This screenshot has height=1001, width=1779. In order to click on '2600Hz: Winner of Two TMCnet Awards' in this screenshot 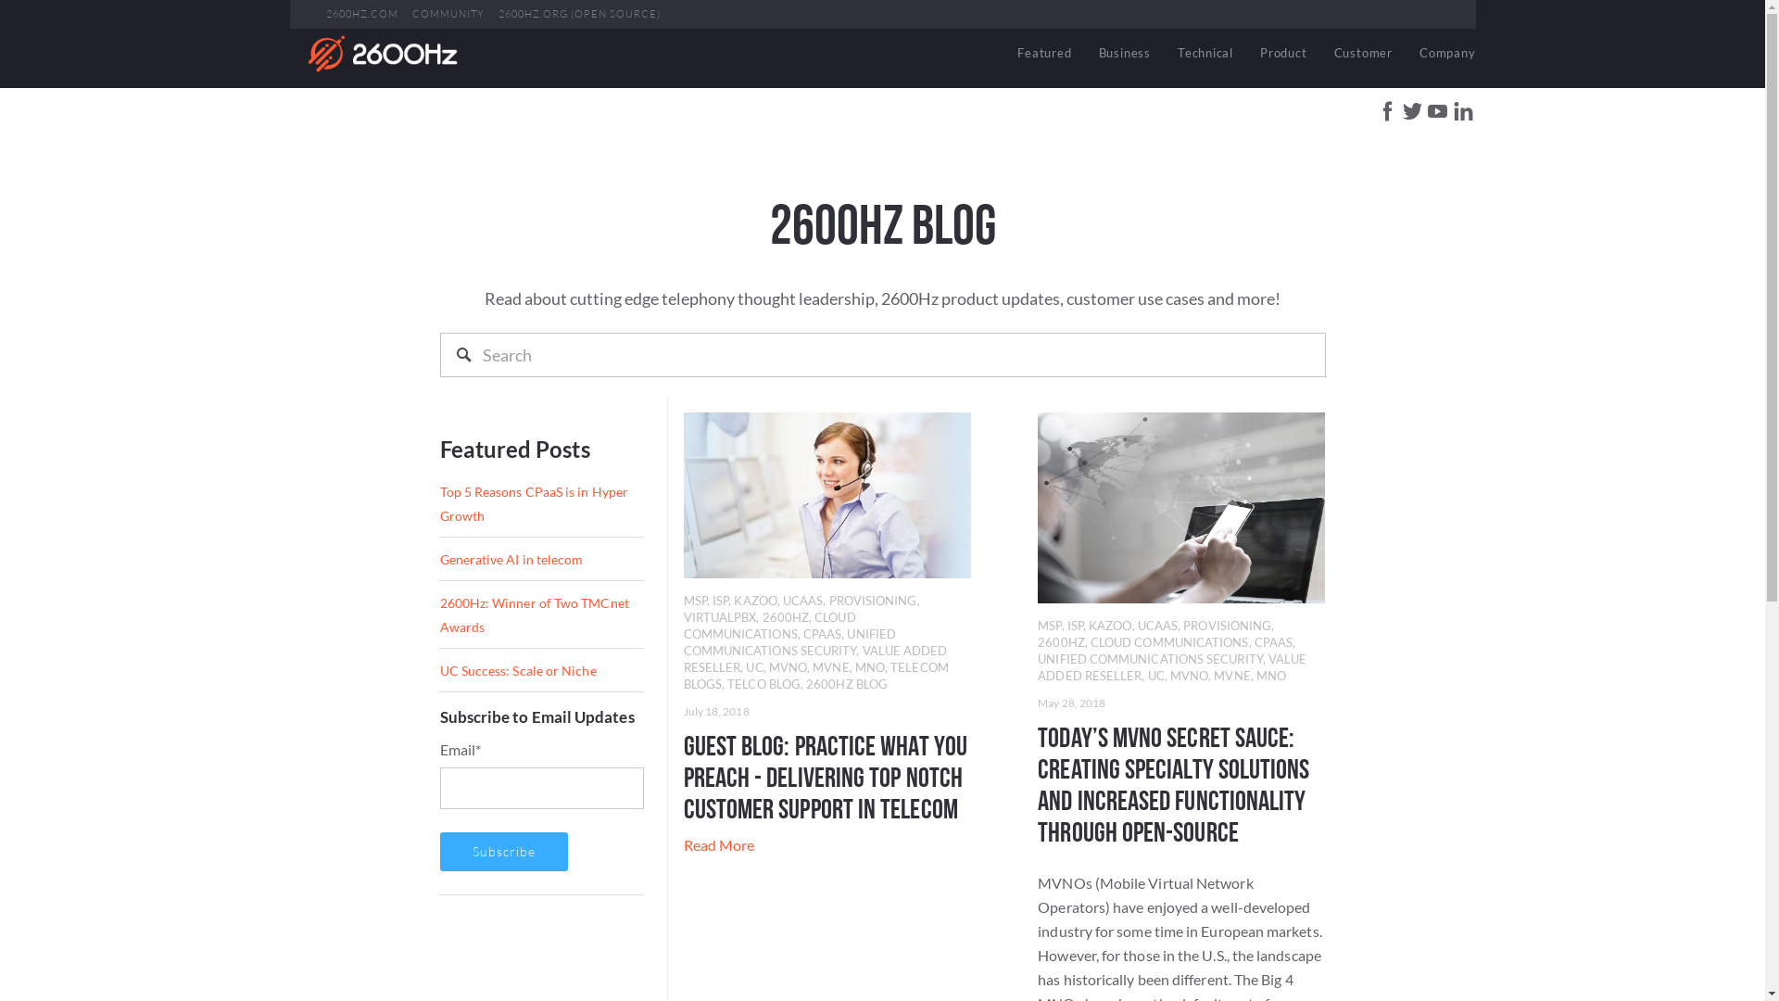, I will do `click(533, 615)`.